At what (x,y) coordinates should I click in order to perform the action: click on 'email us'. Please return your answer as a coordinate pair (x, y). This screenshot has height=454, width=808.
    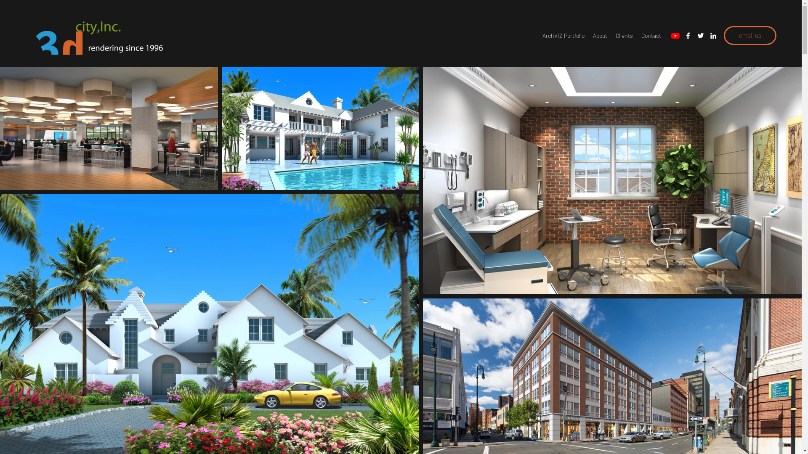
    Looking at the image, I should click on (750, 35).